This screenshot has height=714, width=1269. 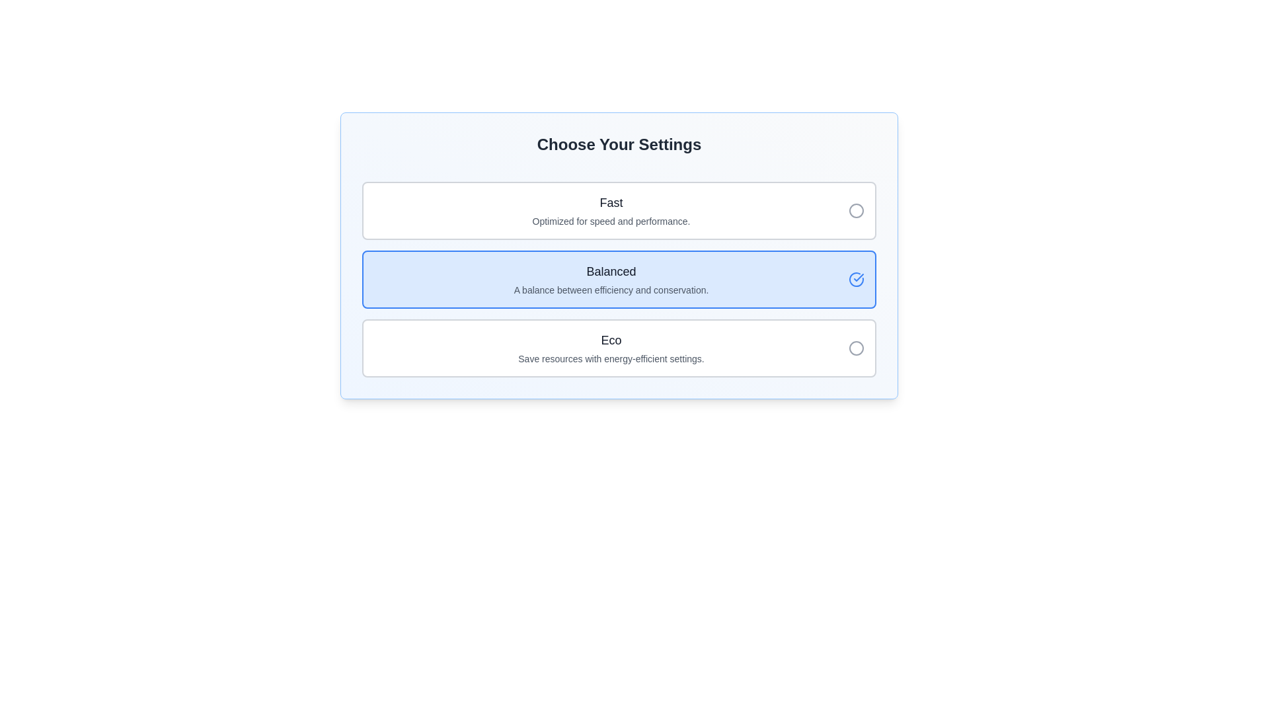 What do you see at coordinates (857, 210) in the screenshot?
I see `the status icon representing the 'Fast' selection, which indicates its deselected or inactive state, positioned at the far right of the 'Fast' selection card` at bounding box center [857, 210].